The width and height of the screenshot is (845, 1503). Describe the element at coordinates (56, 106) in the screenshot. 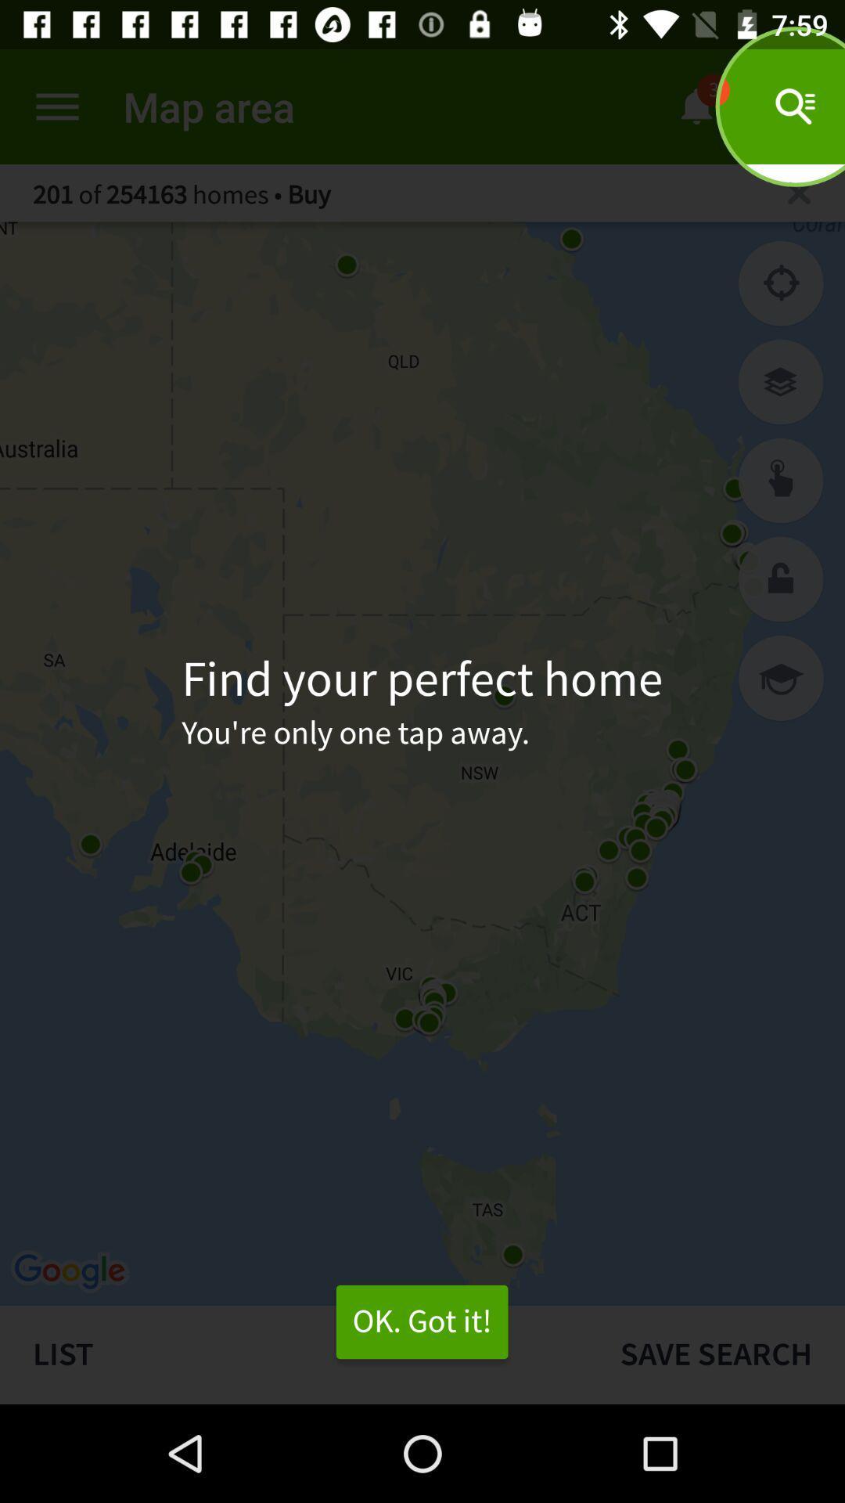

I see `drop down menu` at that location.